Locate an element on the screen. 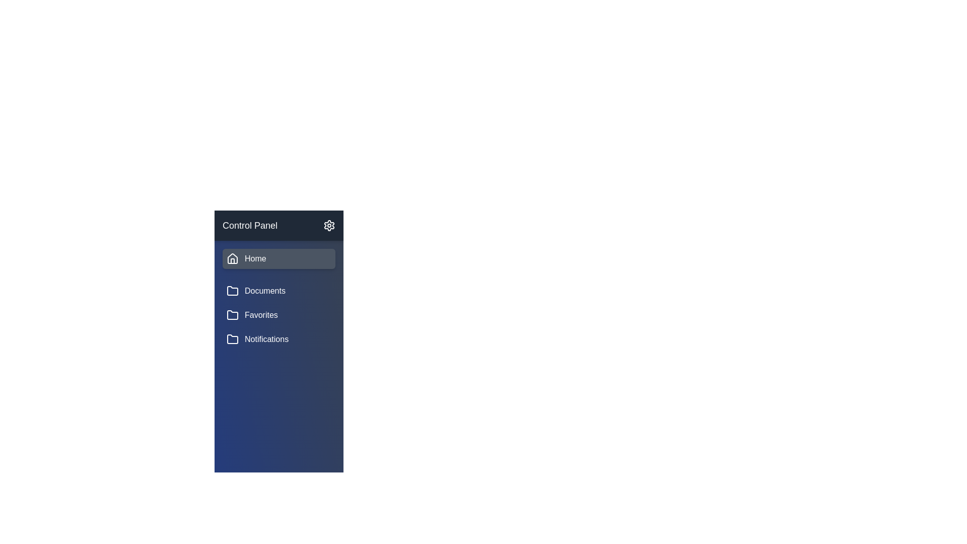 The width and height of the screenshot is (967, 544). the sidebar item corresponding to Documents to navigate to that section is located at coordinates (279, 291).